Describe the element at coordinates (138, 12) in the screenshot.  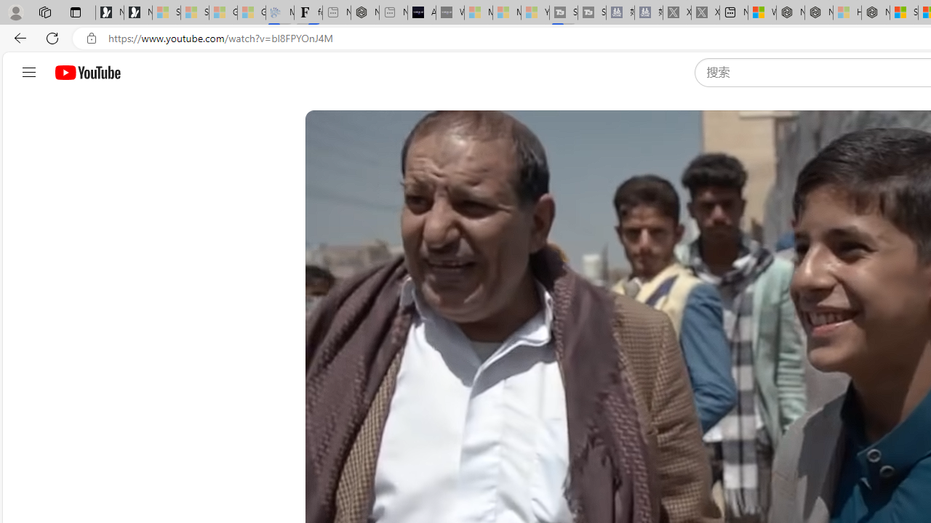
I see `'Newsletter Sign Up'` at that location.